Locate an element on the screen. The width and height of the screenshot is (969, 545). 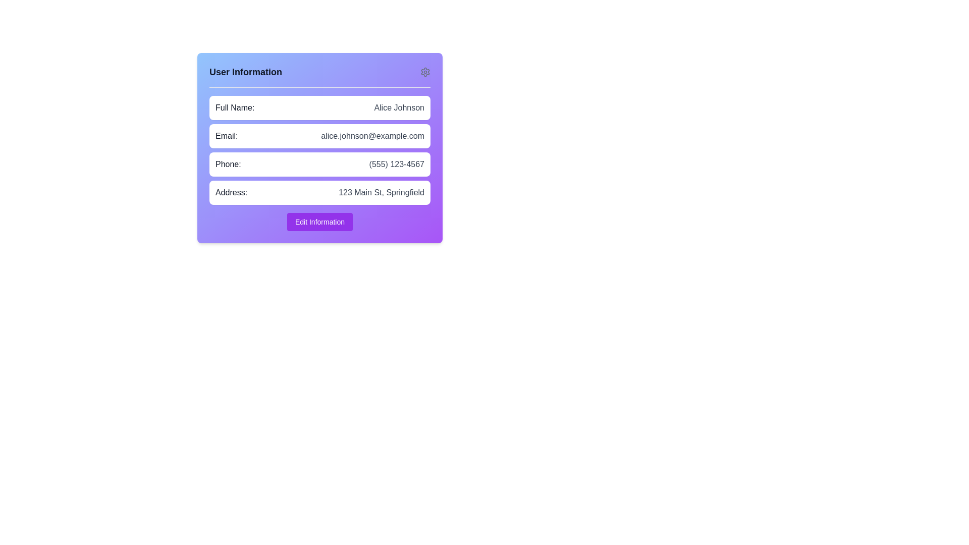
the static text label 'User Information' which is bold and located at the top-left corner of a rectangular card with a gradient purple background is located at coordinates (246, 71).